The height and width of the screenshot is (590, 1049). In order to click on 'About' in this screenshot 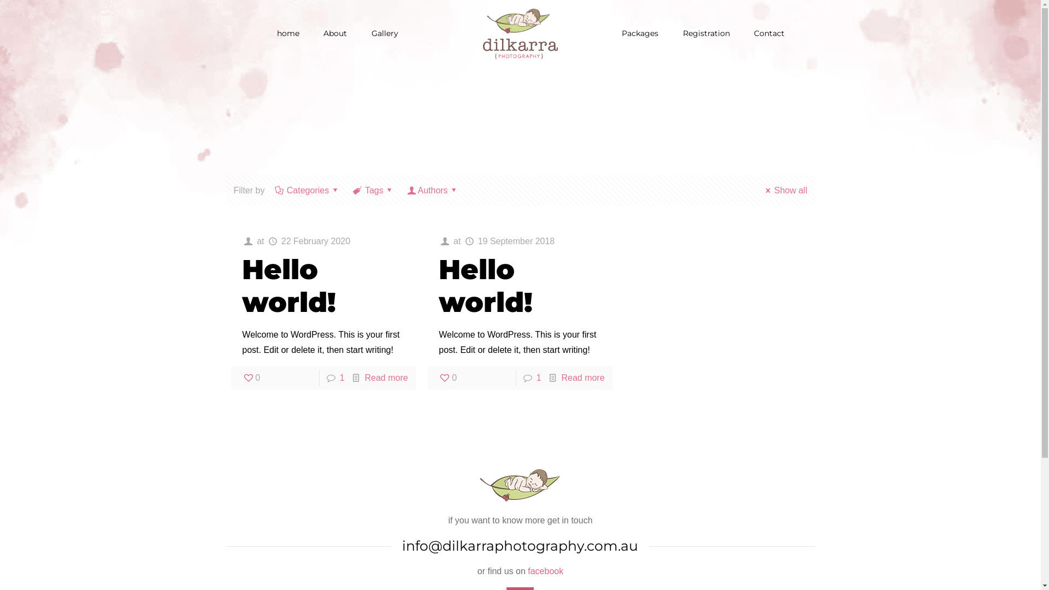, I will do `click(311, 33)`.